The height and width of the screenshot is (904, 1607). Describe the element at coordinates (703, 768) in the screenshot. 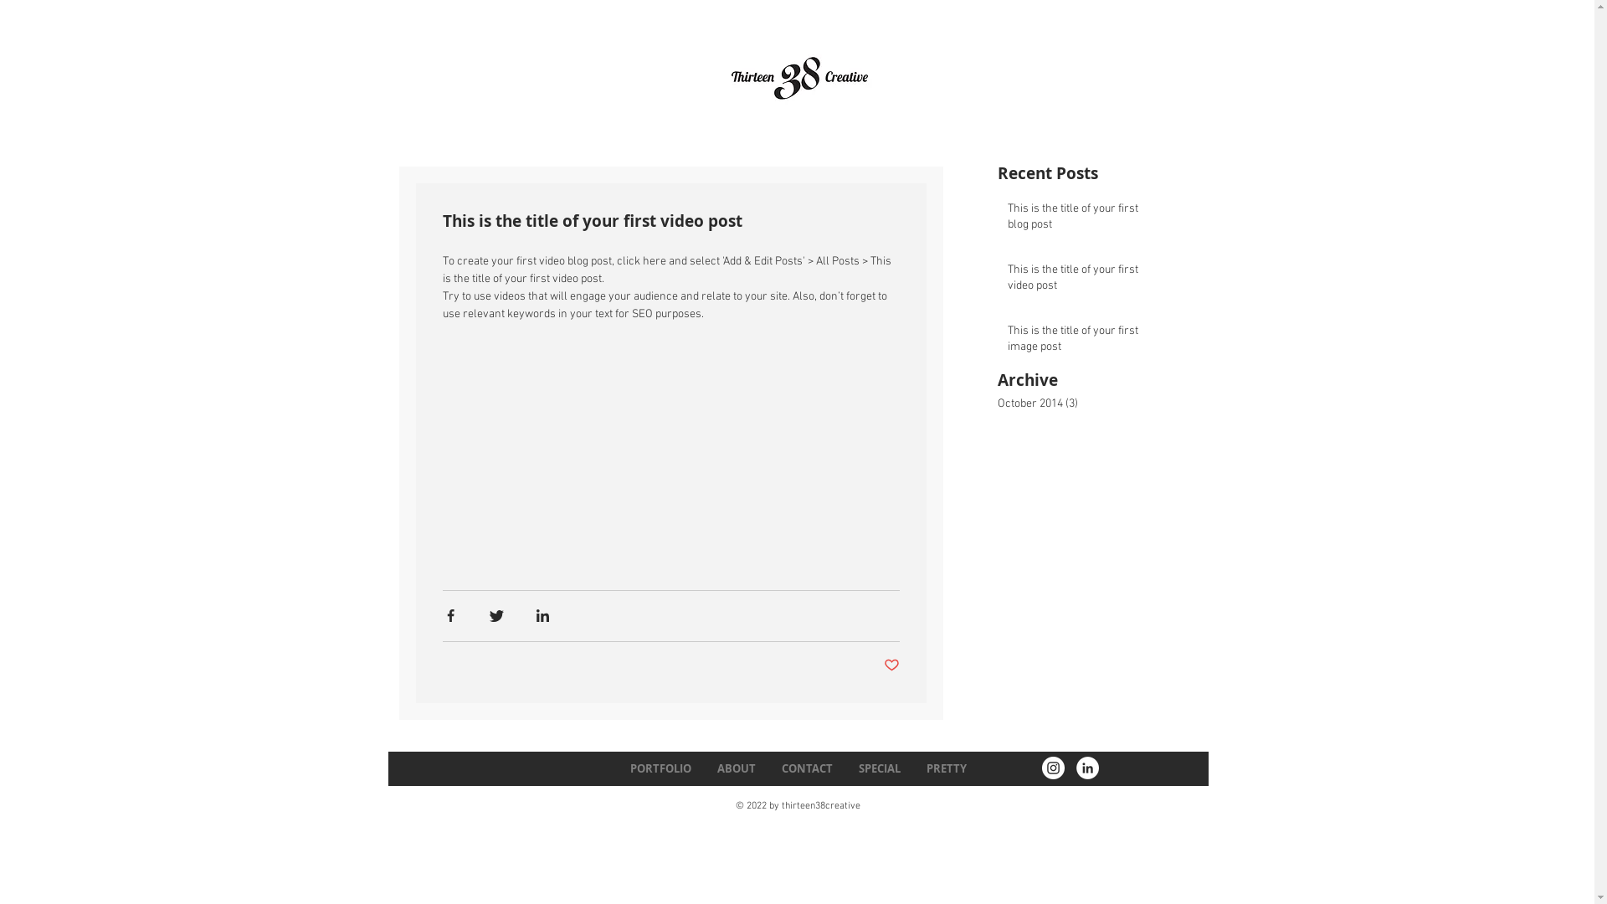

I see `'ABOUT'` at that location.